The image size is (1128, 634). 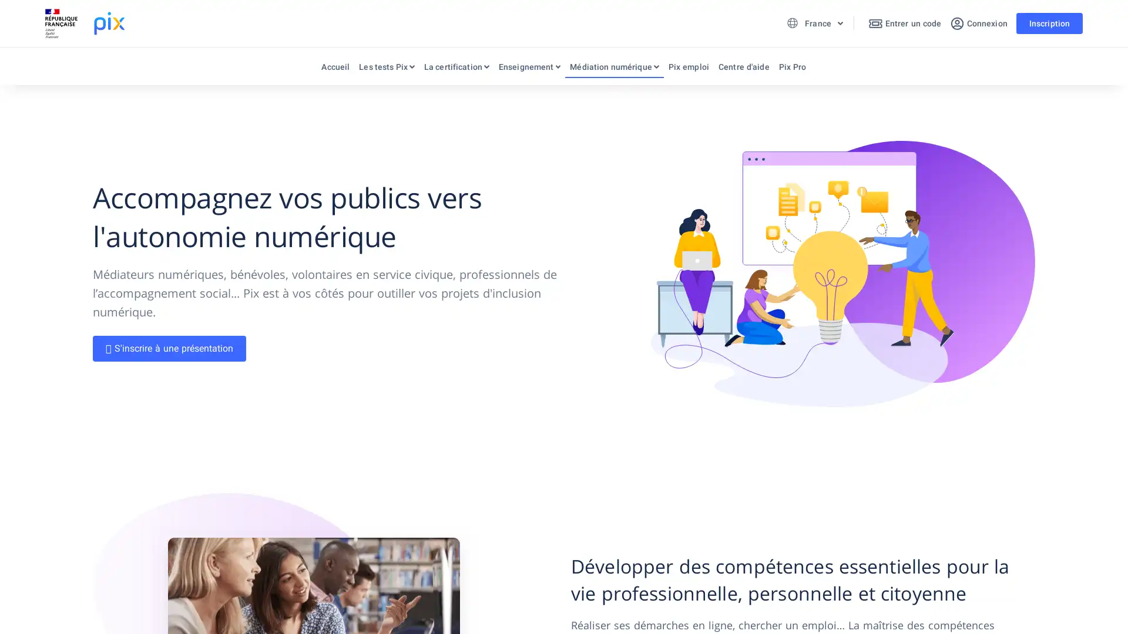 I want to click on La certification, so click(x=455, y=69).